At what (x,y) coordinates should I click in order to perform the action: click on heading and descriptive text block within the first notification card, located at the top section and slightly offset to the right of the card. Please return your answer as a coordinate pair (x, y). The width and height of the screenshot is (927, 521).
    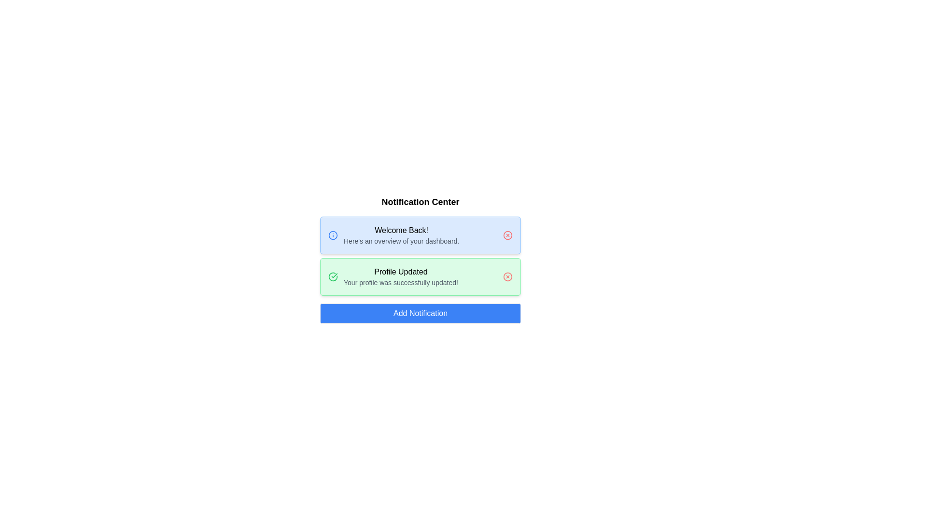
    Looking at the image, I should click on (401, 235).